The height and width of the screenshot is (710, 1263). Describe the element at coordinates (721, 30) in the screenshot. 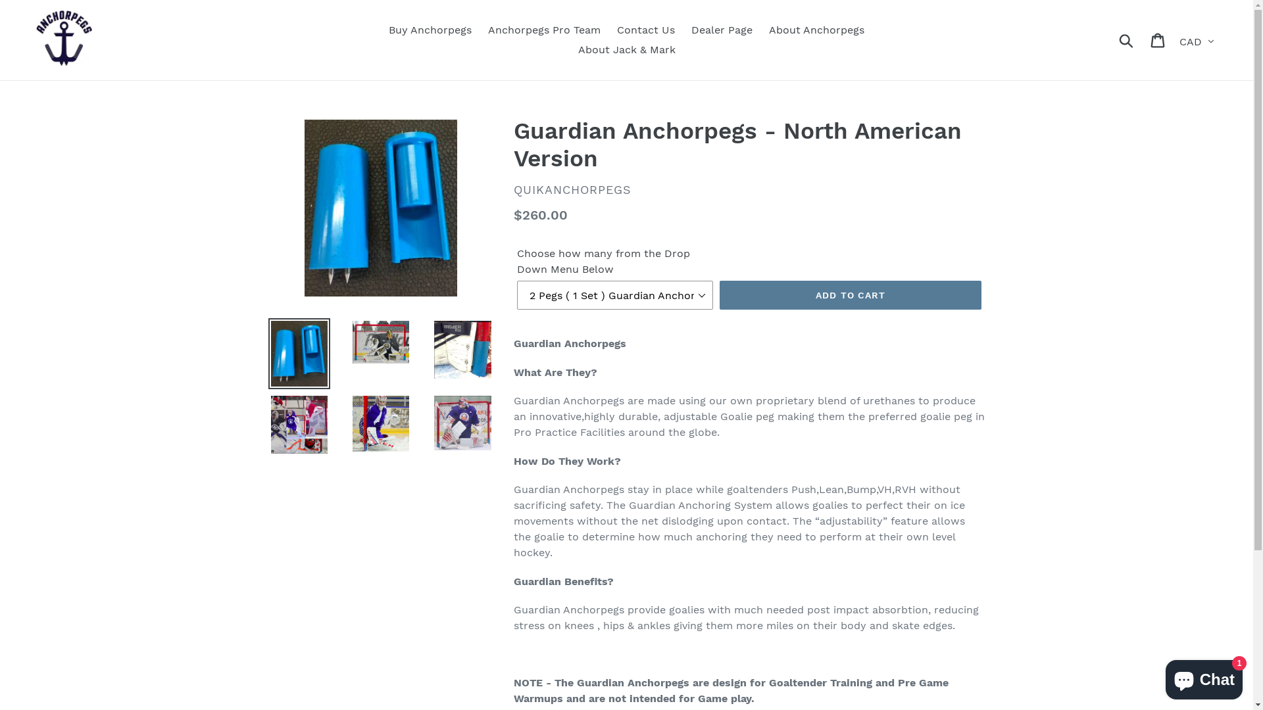

I see `'Dealer Page'` at that location.